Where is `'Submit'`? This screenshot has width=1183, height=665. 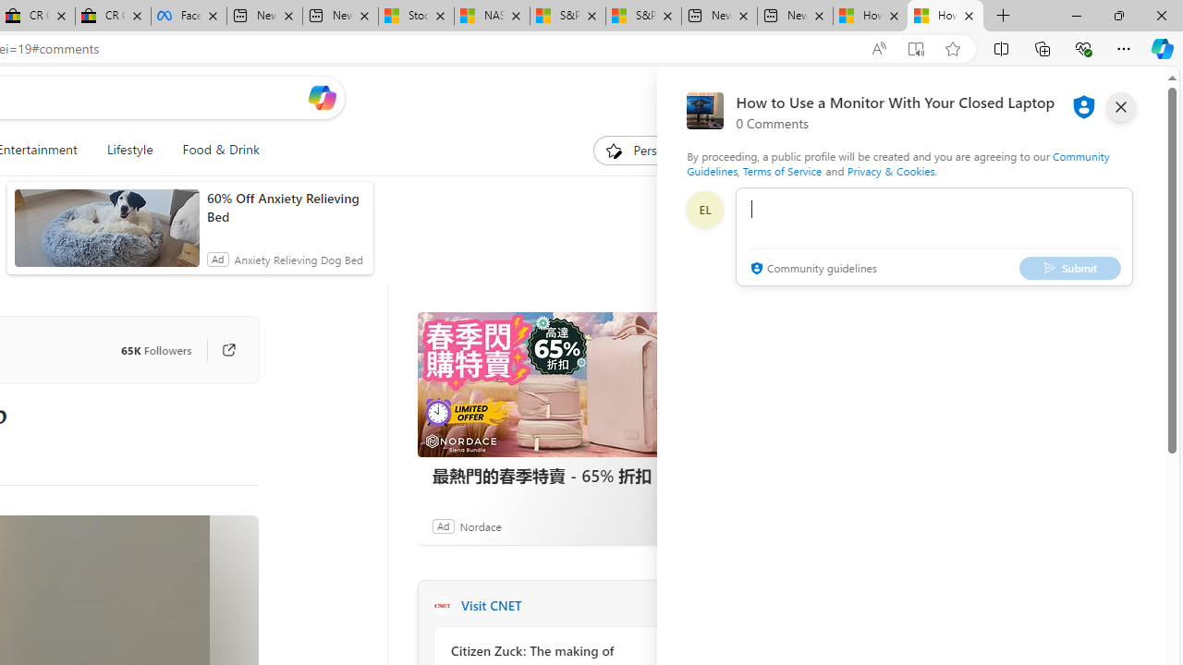 'Submit' is located at coordinates (1070, 268).